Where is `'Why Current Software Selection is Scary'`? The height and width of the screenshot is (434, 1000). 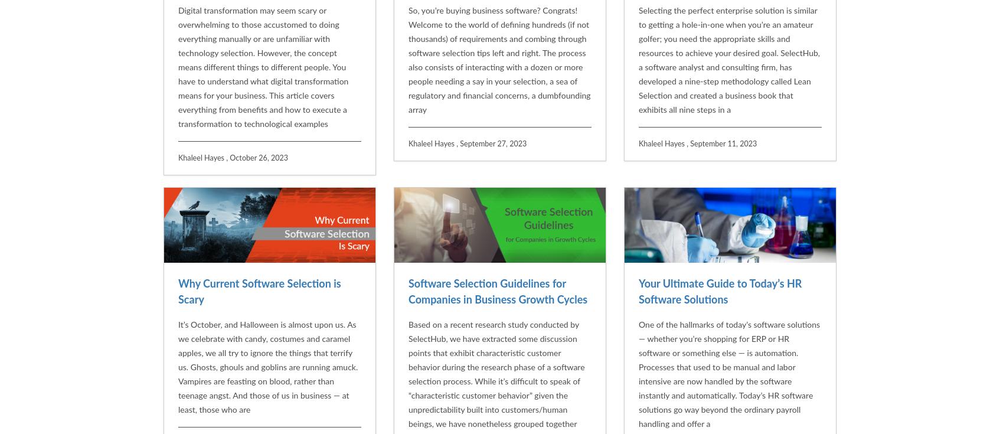
'Why Current Software Selection is Scary' is located at coordinates (259, 171).